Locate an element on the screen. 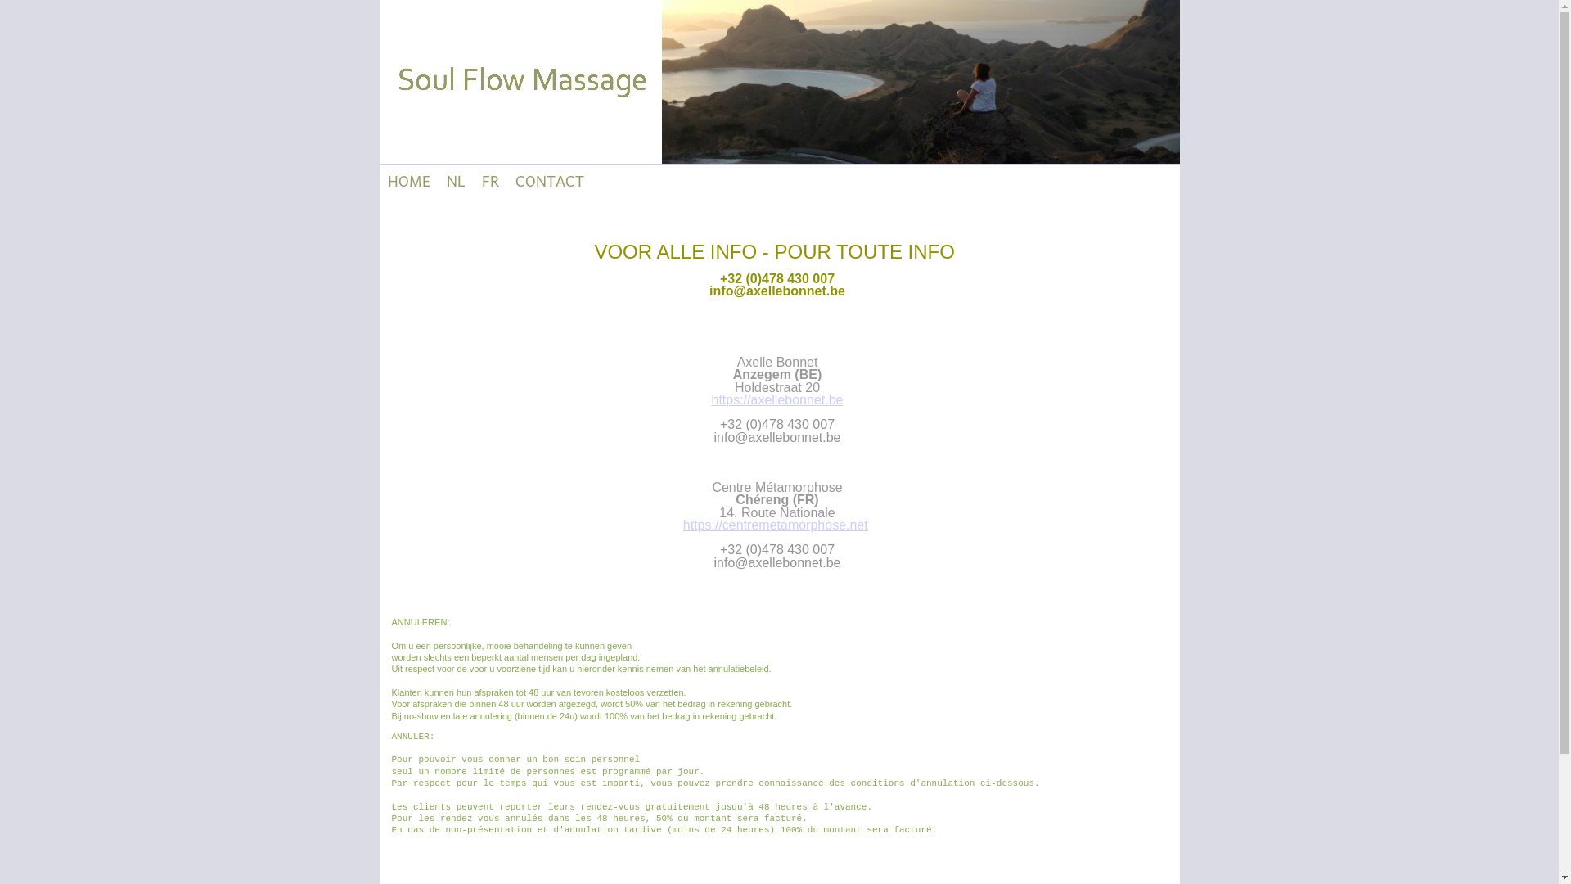 This screenshot has height=884, width=1571. 'HOME' is located at coordinates (379, 180).